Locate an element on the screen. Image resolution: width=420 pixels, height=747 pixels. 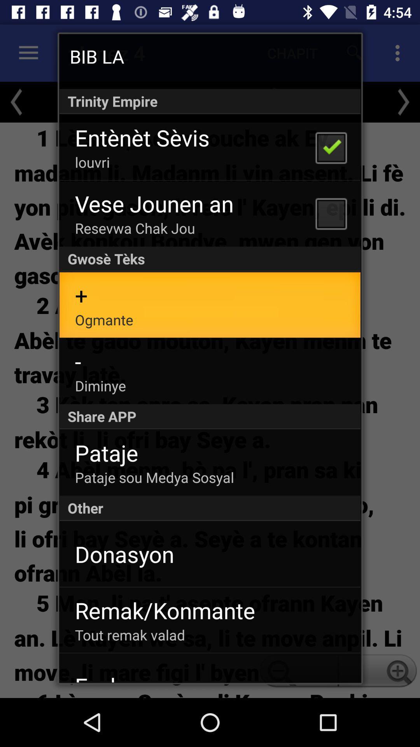
diminye app is located at coordinates (100, 386).